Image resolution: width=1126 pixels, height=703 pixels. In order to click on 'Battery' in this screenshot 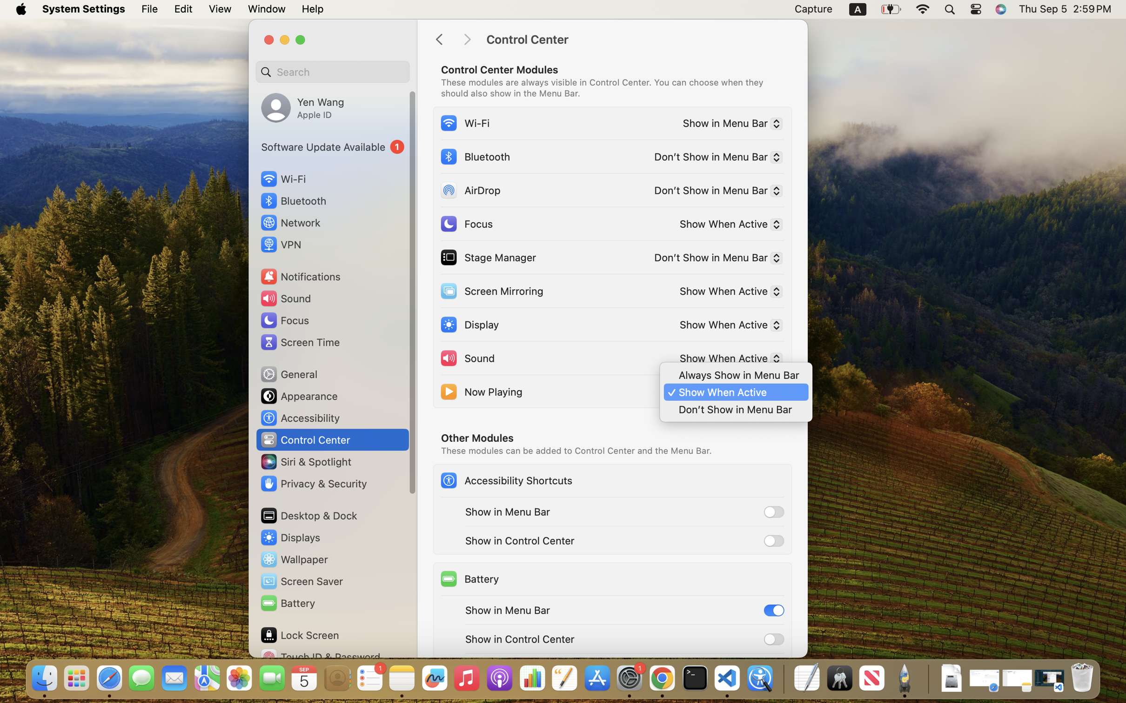, I will do `click(469, 578)`.